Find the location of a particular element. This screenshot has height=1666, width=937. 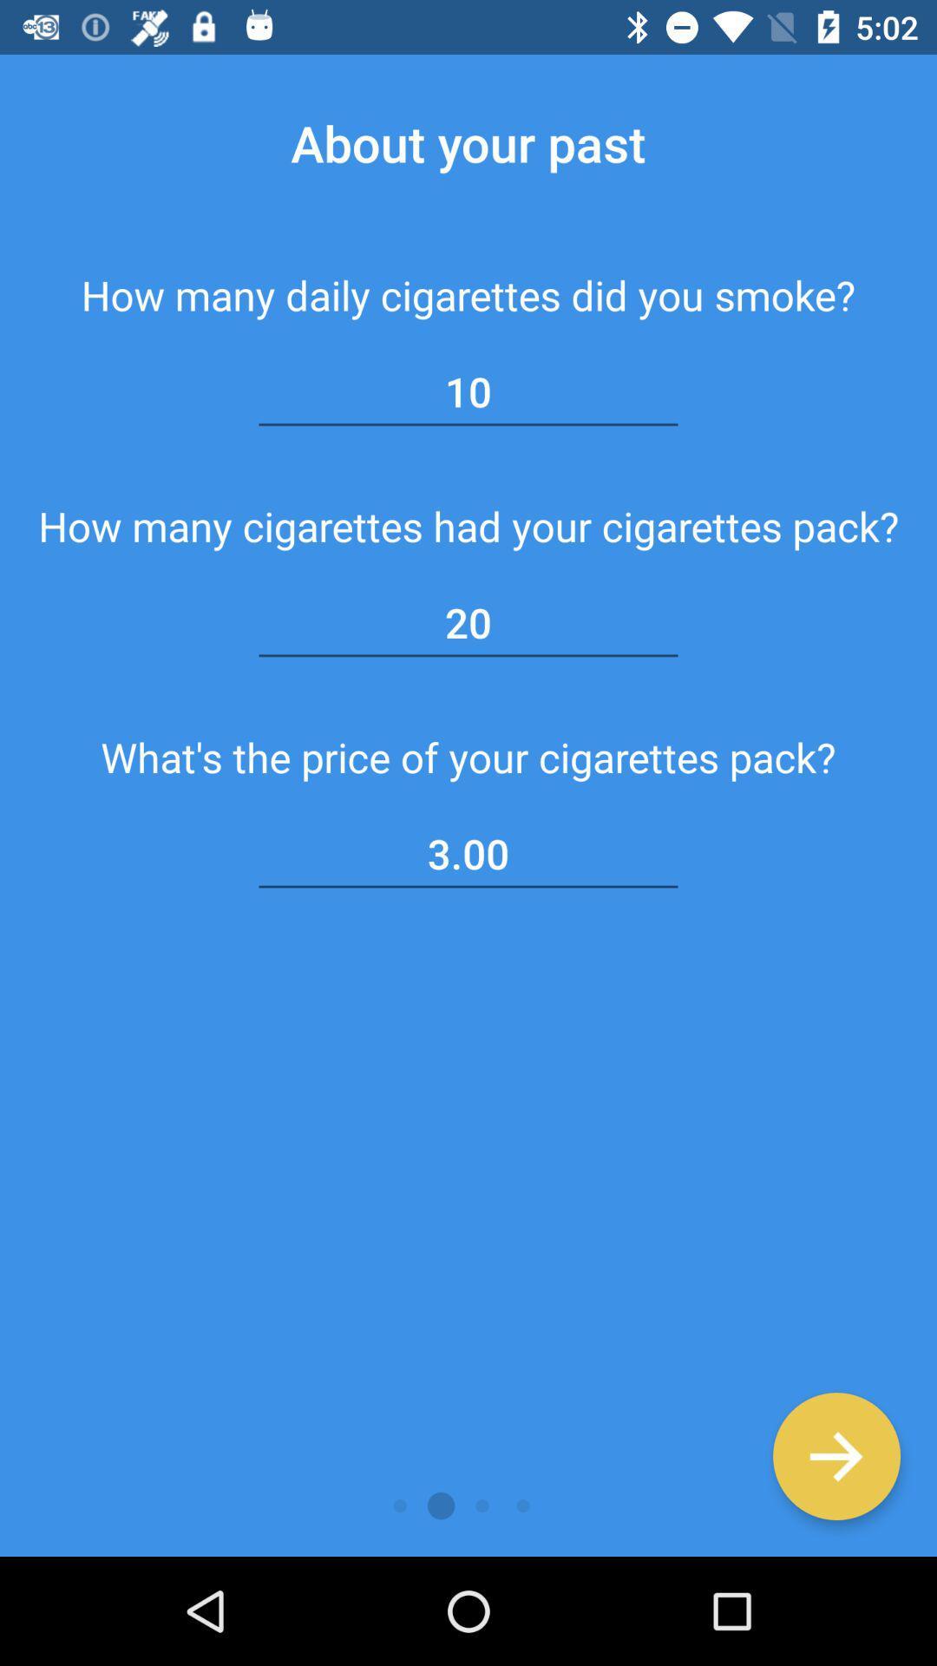

go forward is located at coordinates (835, 1456).